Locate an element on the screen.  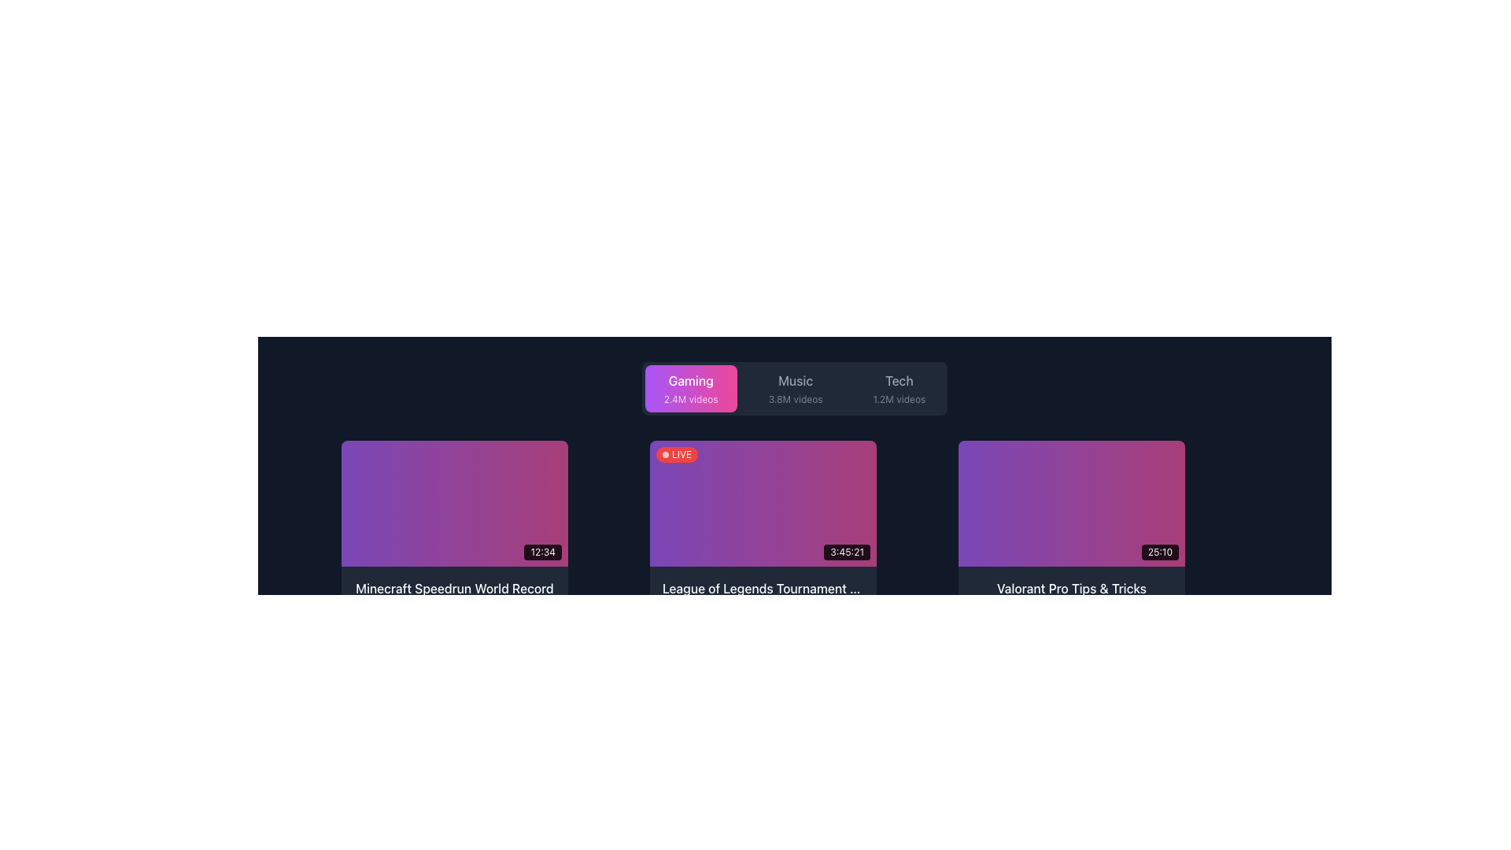
the text label displaying 'Tech', which is styled in a medium-weight font and located in the top-right area of the horizontal bar is located at coordinates (899, 380).